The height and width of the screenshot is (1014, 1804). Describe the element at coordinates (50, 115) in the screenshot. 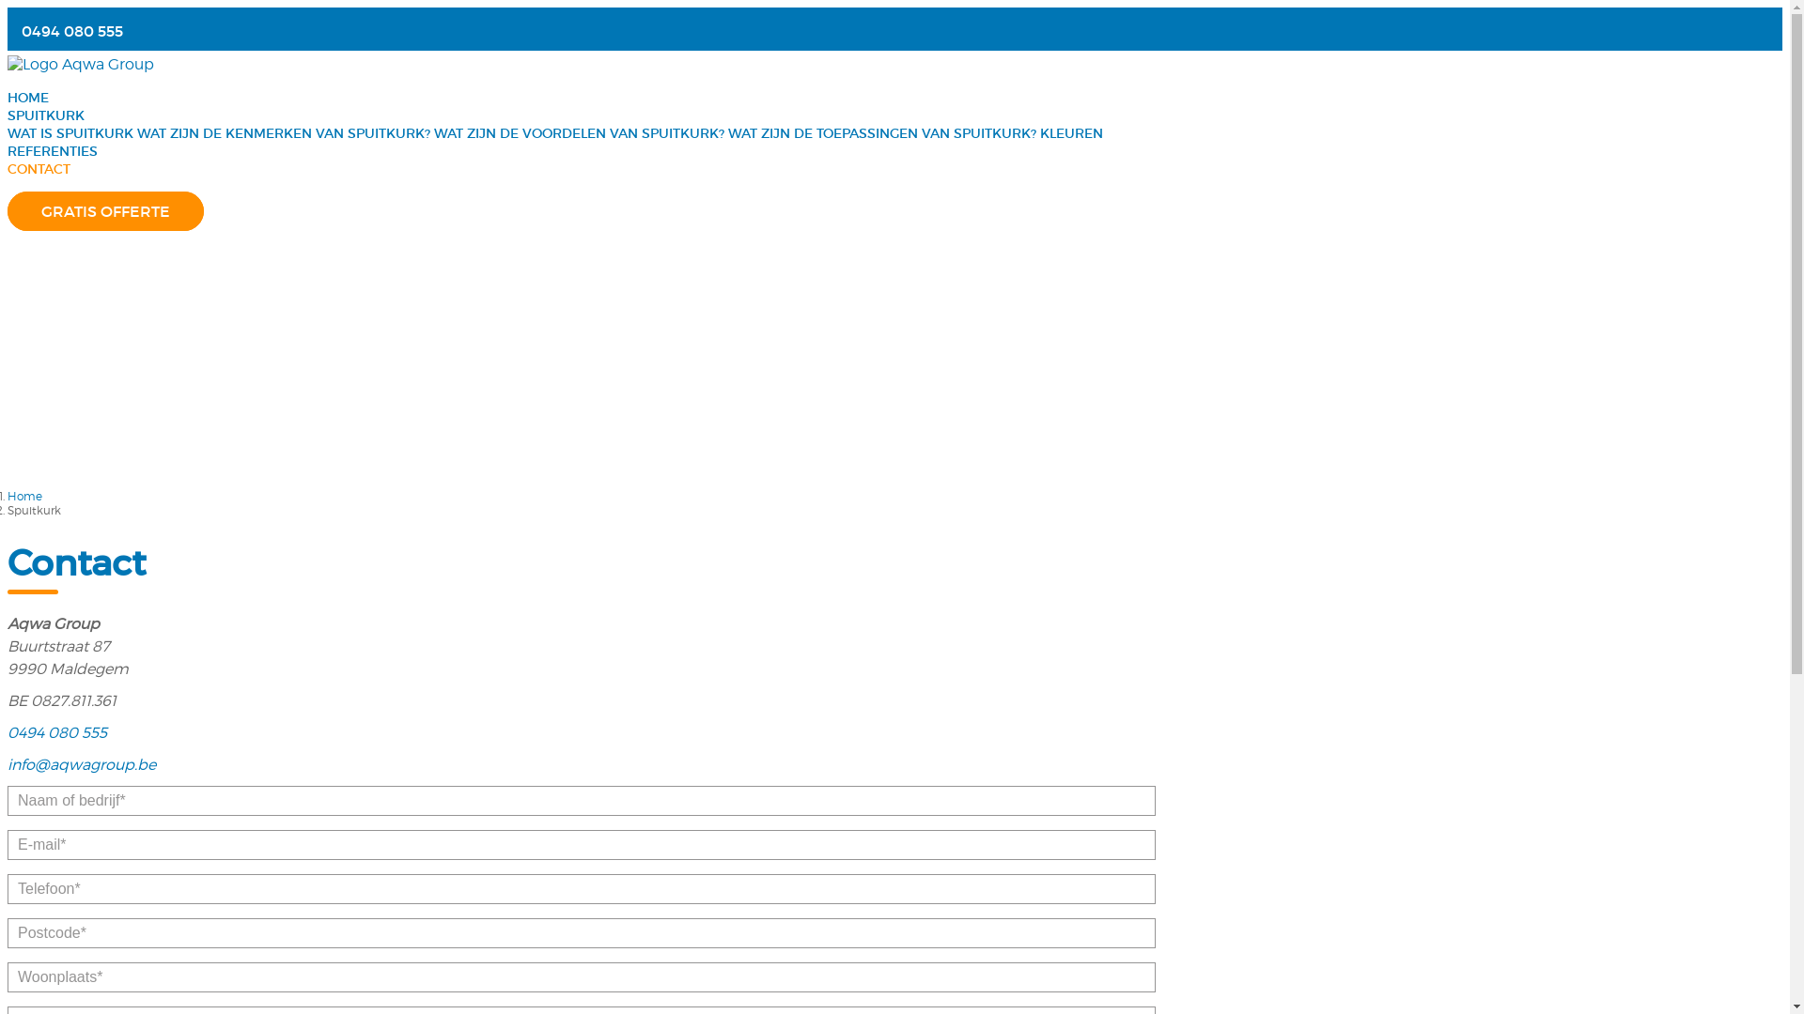

I see `'SPUITKURK'` at that location.